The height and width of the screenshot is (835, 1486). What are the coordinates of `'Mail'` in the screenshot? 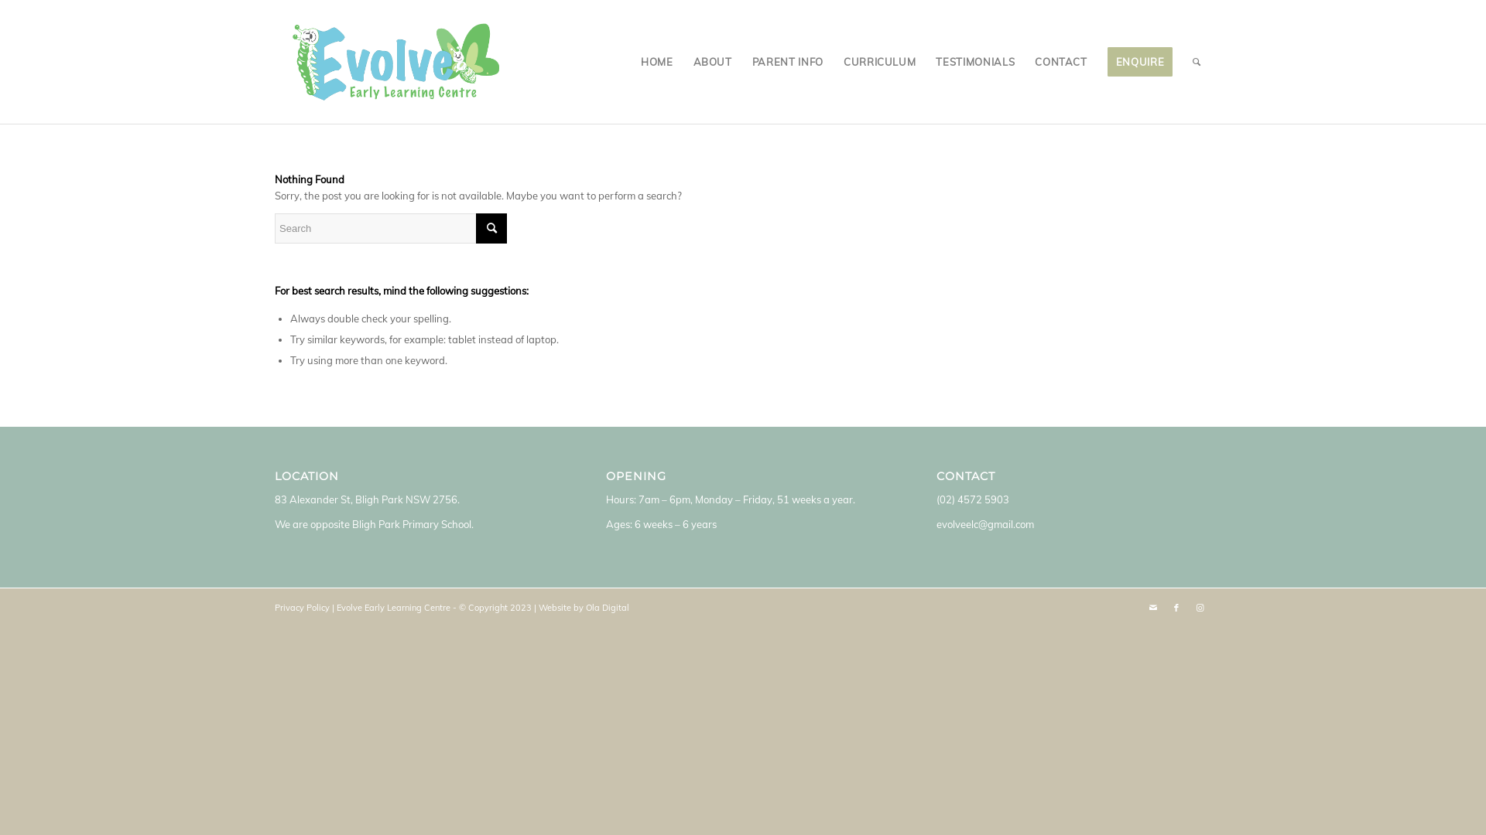 It's located at (1152, 607).